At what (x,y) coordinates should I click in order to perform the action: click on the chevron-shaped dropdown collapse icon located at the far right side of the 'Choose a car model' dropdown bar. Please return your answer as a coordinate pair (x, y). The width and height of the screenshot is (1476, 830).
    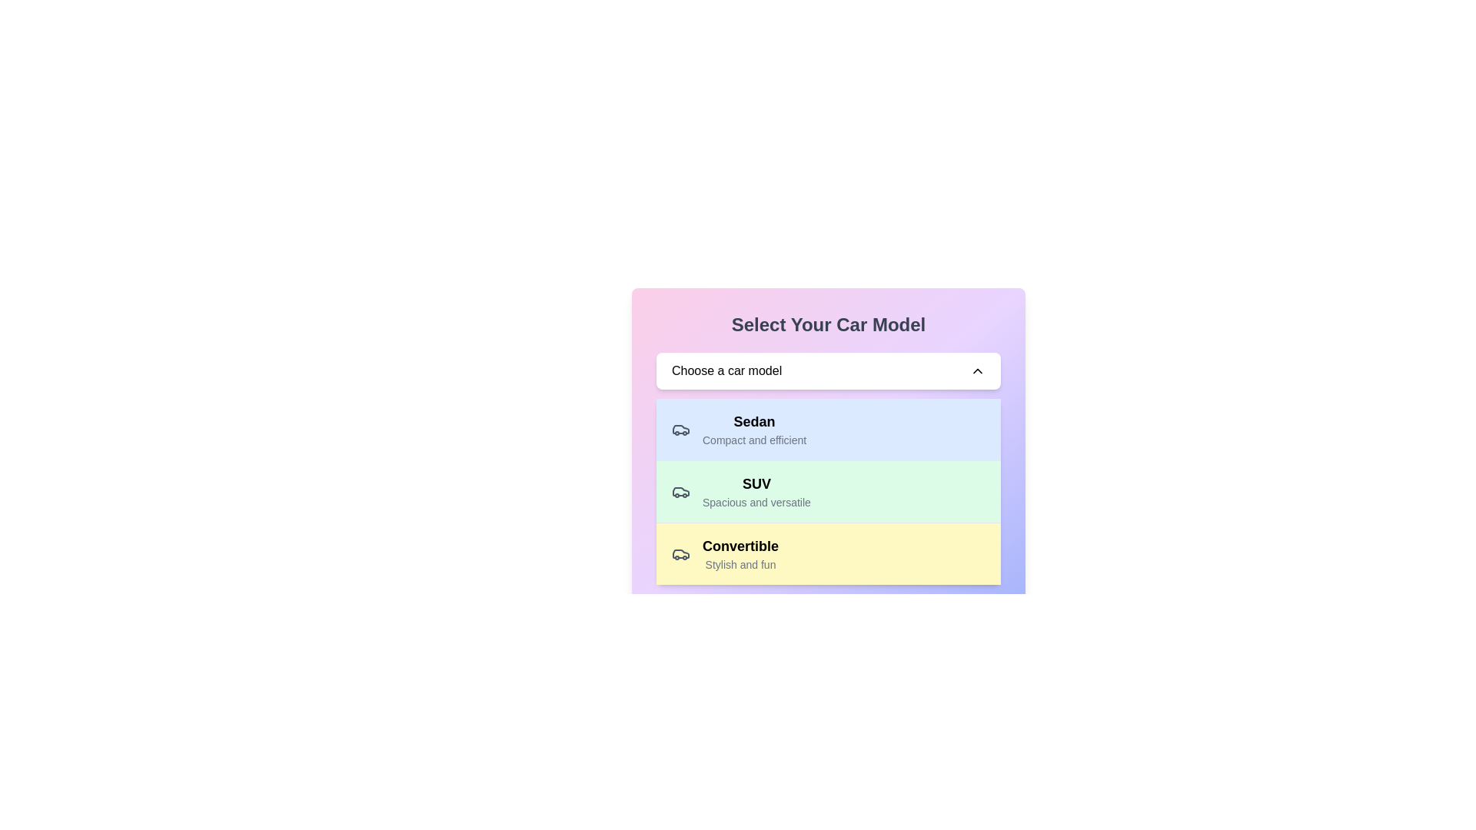
    Looking at the image, I should click on (977, 370).